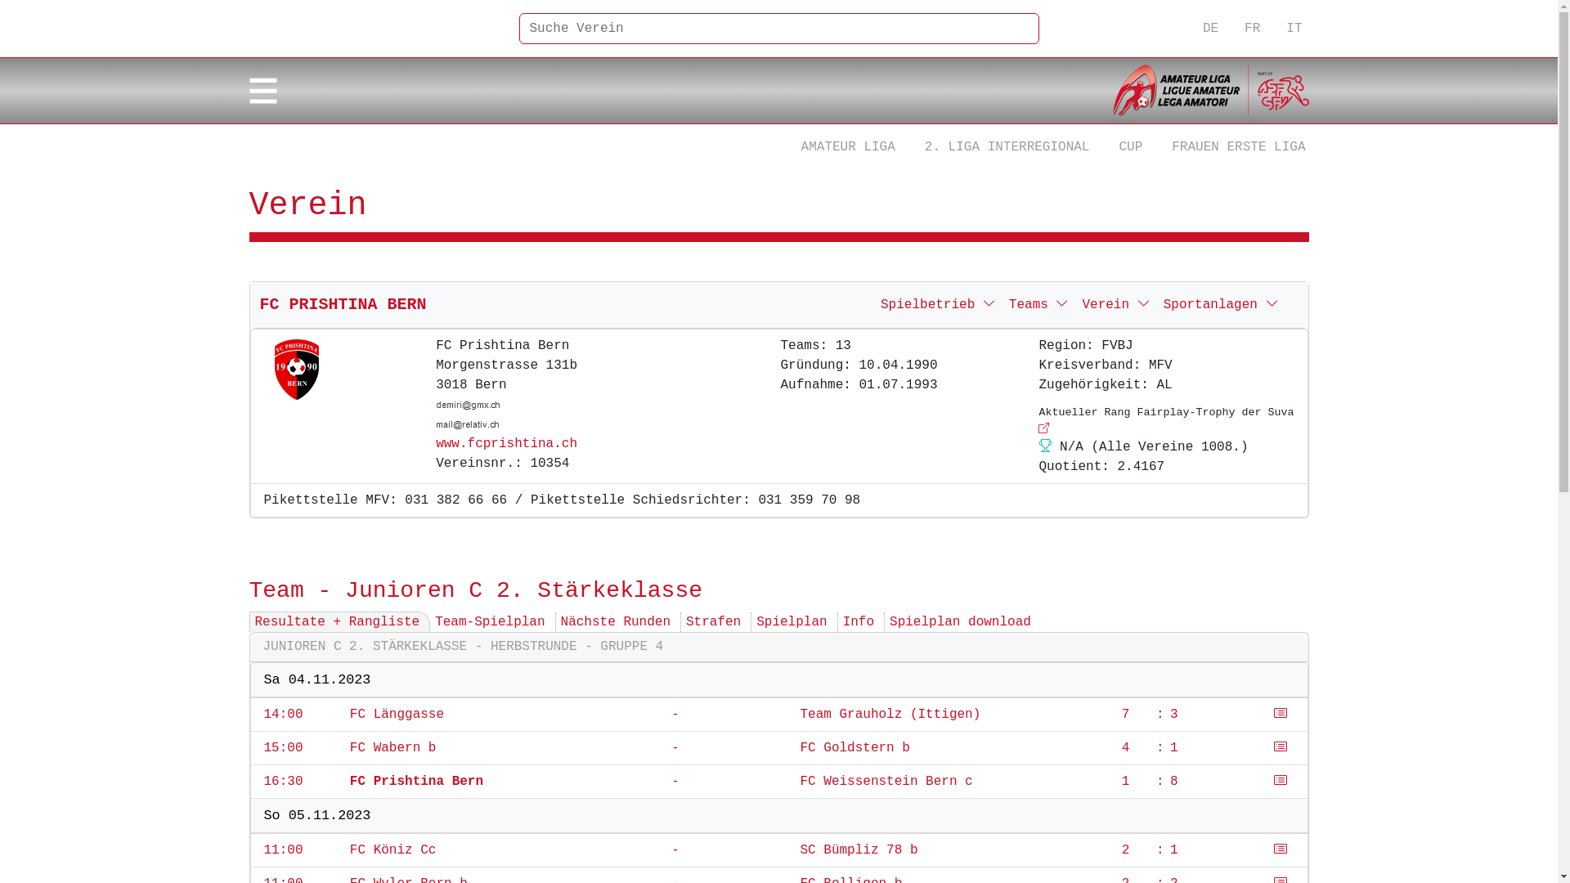  Describe the element at coordinates (938, 305) in the screenshot. I see `'Spielbetrieb'` at that location.